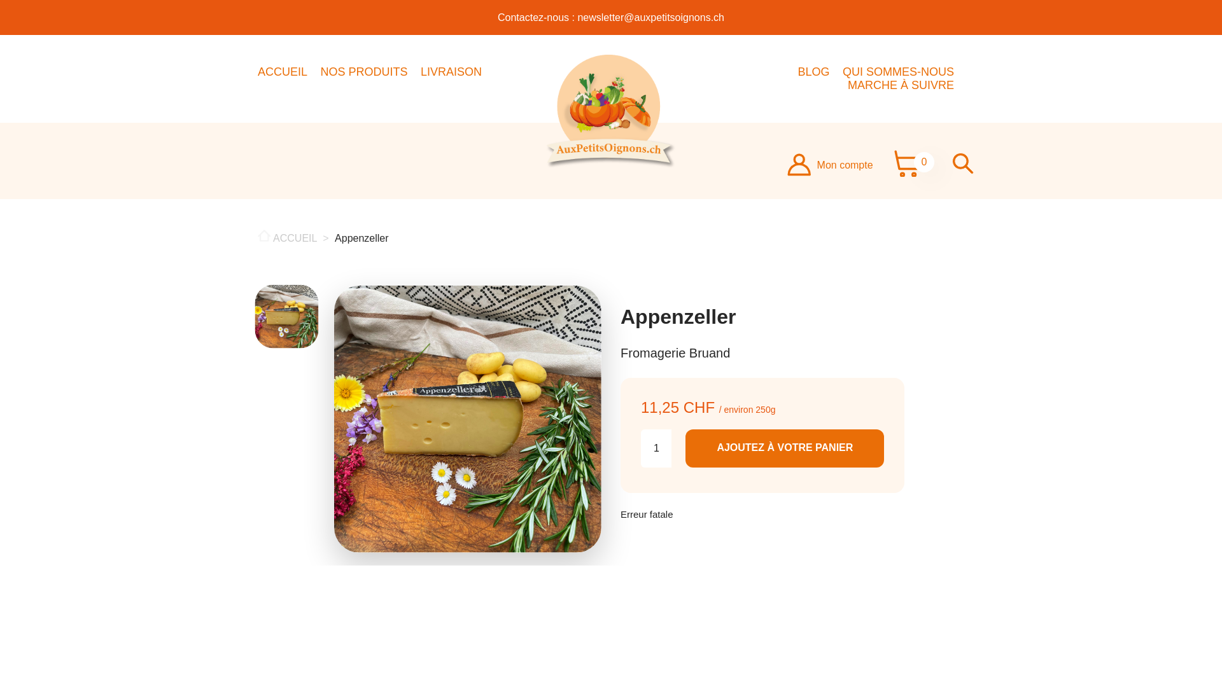 This screenshot has width=1222, height=687. What do you see at coordinates (897, 71) in the screenshot?
I see `'QUI SOMMES-NOUS'` at bounding box center [897, 71].